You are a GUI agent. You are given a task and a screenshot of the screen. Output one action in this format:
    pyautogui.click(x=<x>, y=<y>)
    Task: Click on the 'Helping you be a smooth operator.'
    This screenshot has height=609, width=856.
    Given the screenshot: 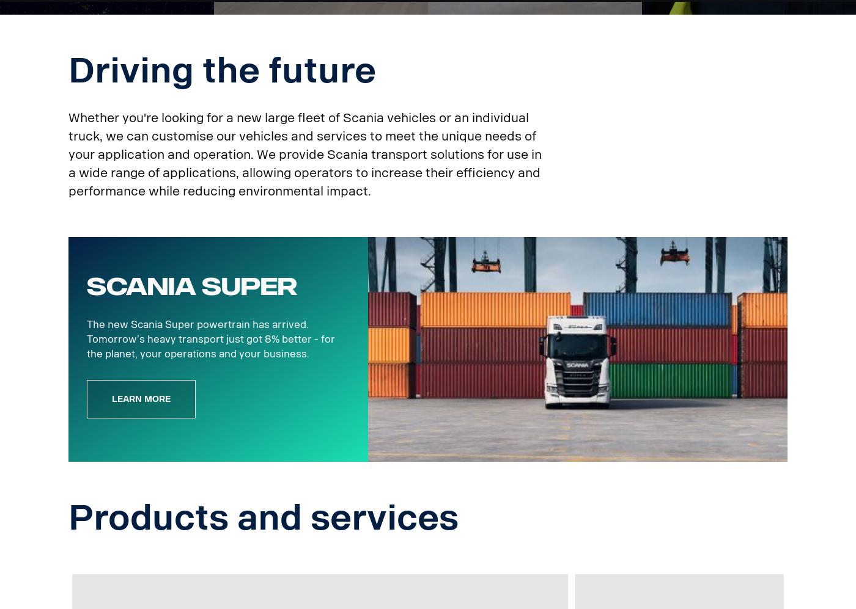 What is the action you would take?
    pyautogui.click(x=232, y=21)
    